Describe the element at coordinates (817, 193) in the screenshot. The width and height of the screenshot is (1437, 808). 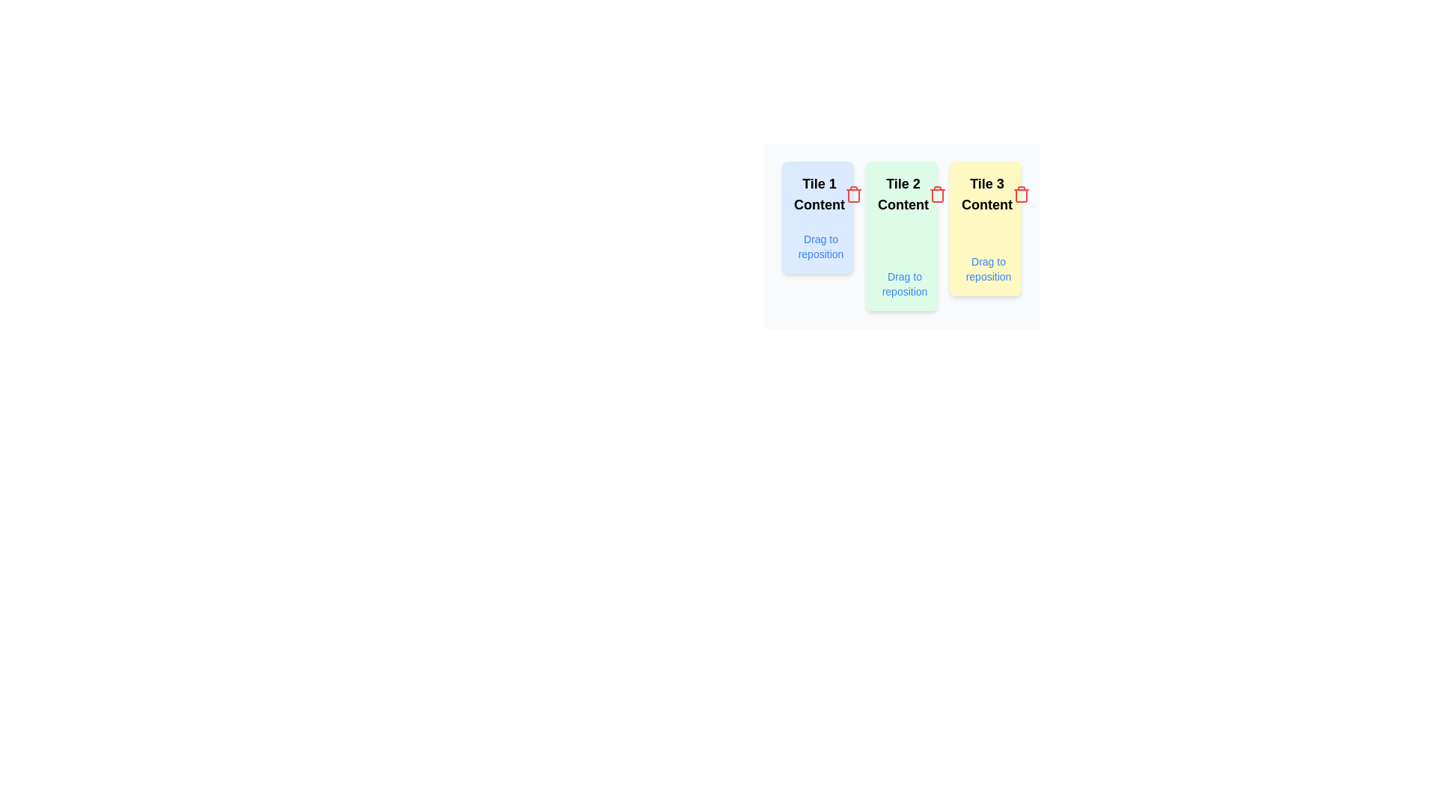
I see `the title or heading displayed in the topmost section of the blue-tinted 'Tile 1' within the first column of the grid layout` at that location.